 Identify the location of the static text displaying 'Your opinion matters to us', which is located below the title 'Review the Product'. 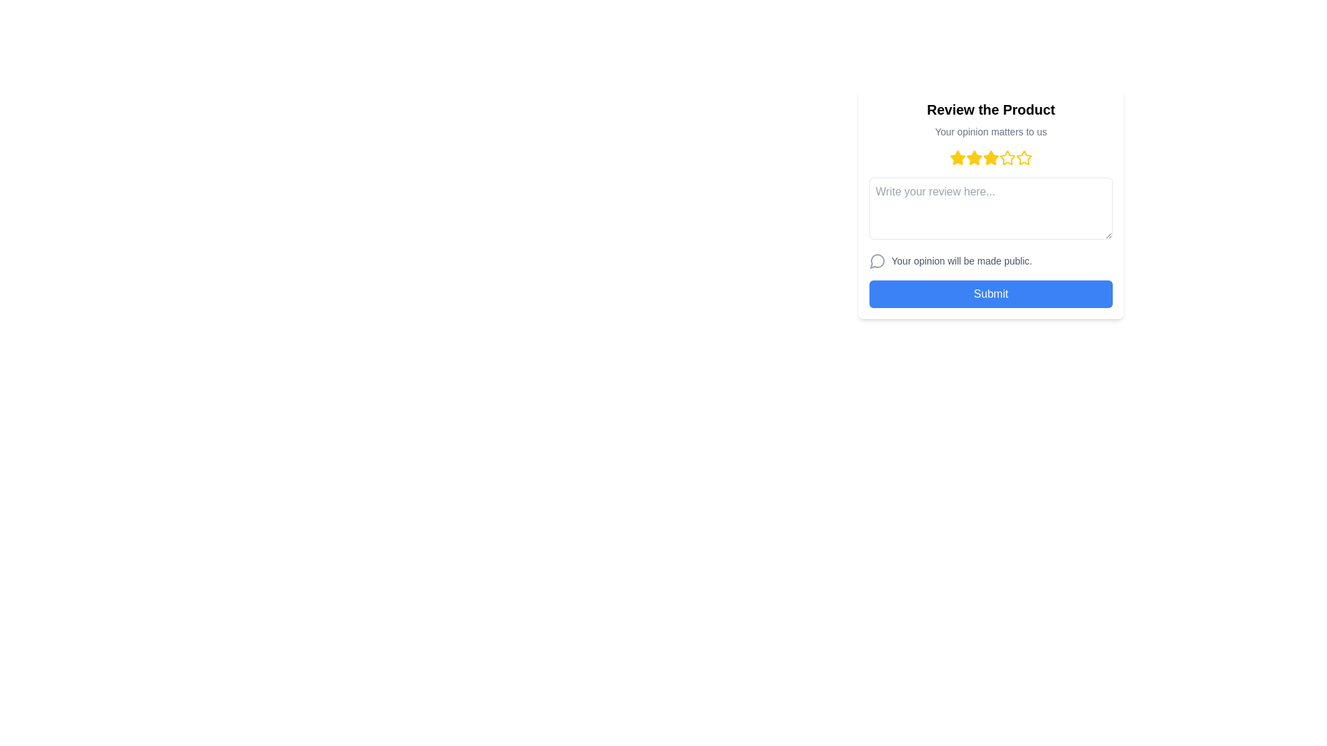
(990, 132).